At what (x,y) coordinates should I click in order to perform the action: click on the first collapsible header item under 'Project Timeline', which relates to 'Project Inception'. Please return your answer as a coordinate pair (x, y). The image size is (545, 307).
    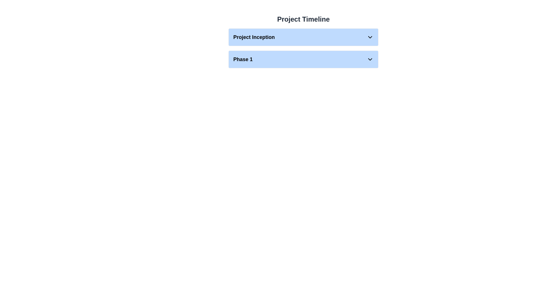
    Looking at the image, I should click on (303, 43).